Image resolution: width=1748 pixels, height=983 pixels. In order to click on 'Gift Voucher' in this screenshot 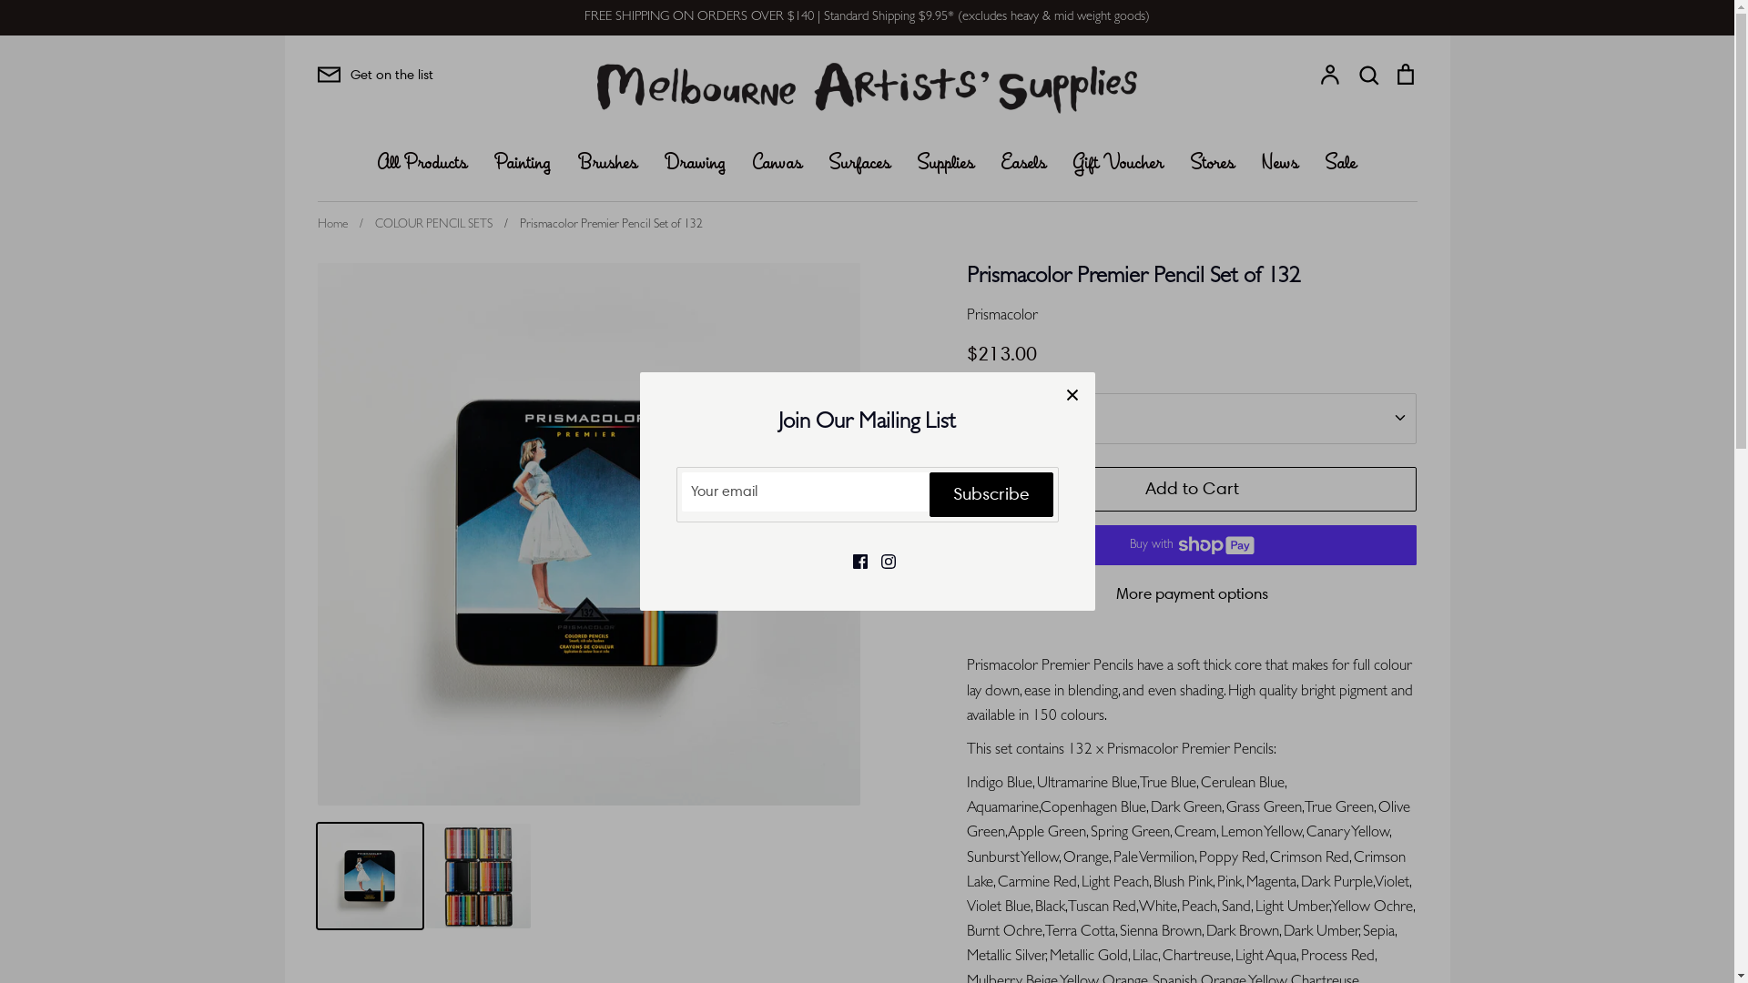, I will do `click(1073, 164)`.